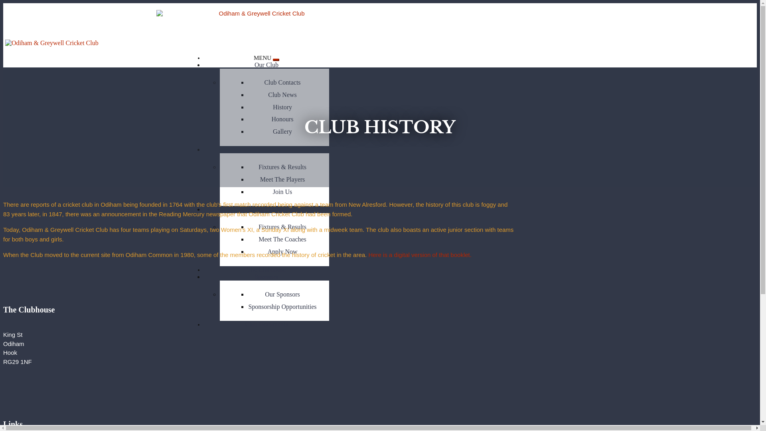 Image resolution: width=766 pixels, height=431 pixels. What do you see at coordinates (419, 255) in the screenshot?
I see `'Here is a digital version of that booklet.'` at bounding box center [419, 255].